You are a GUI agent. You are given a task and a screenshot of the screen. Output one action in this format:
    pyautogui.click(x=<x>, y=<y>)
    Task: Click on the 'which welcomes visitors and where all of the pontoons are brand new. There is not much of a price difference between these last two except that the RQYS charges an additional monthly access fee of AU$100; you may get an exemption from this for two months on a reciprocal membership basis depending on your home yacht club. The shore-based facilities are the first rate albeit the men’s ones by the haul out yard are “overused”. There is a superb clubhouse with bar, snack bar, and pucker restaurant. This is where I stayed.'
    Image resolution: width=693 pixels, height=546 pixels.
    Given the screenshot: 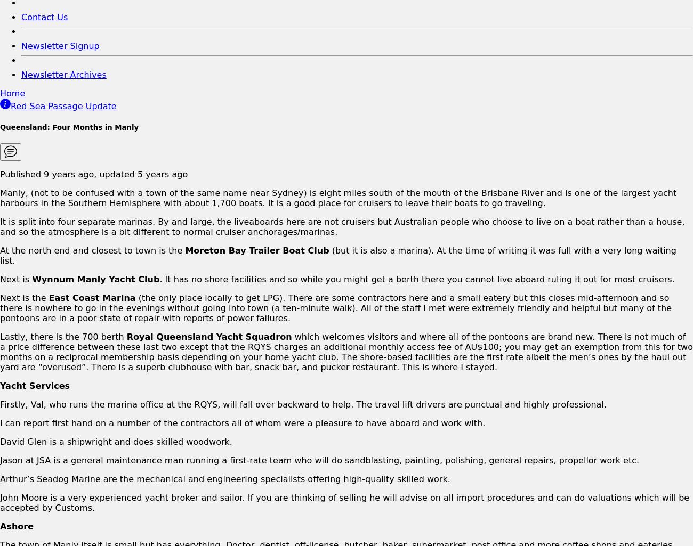 What is the action you would take?
    pyautogui.click(x=346, y=351)
    